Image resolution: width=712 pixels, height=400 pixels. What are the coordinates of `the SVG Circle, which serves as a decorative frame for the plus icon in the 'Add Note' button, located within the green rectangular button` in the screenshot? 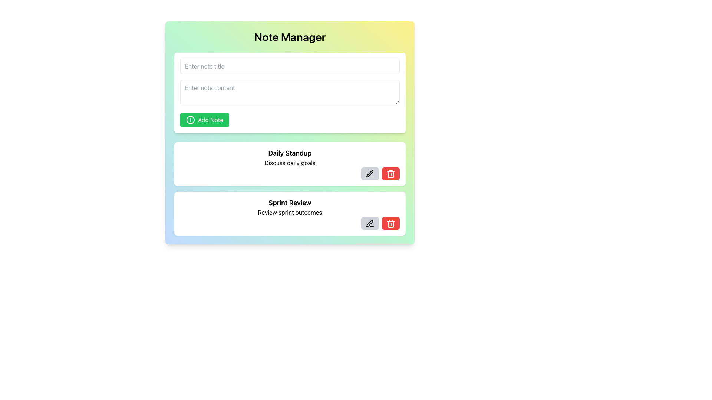 It's located at (190, 120).